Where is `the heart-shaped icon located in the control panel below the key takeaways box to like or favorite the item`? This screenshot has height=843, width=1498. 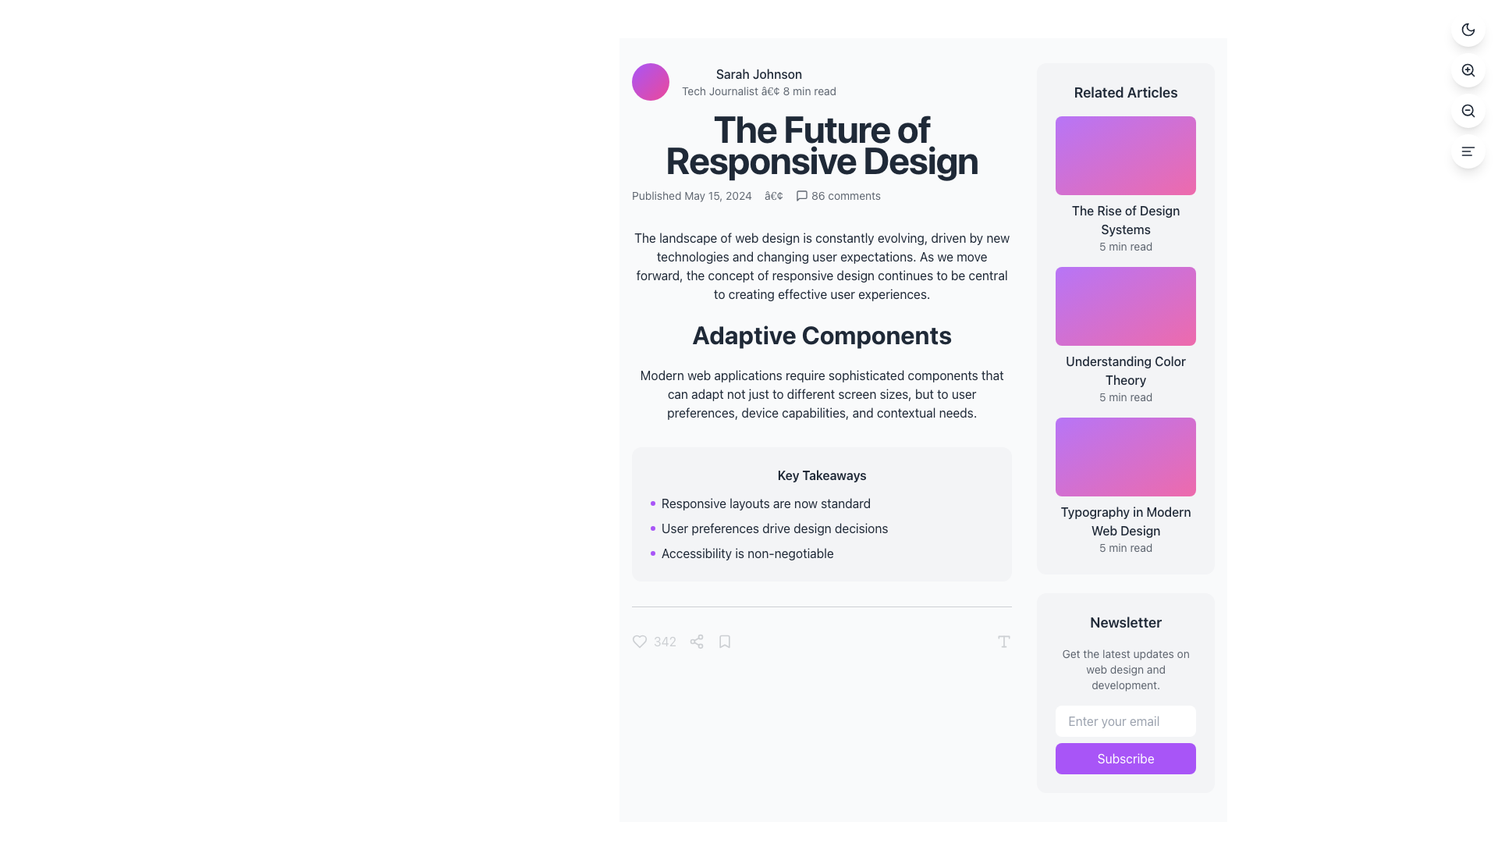
the heart-shaped icon located in the control panel below the key takeaways box to like or favorite the item is located at coordinates (640, 641).